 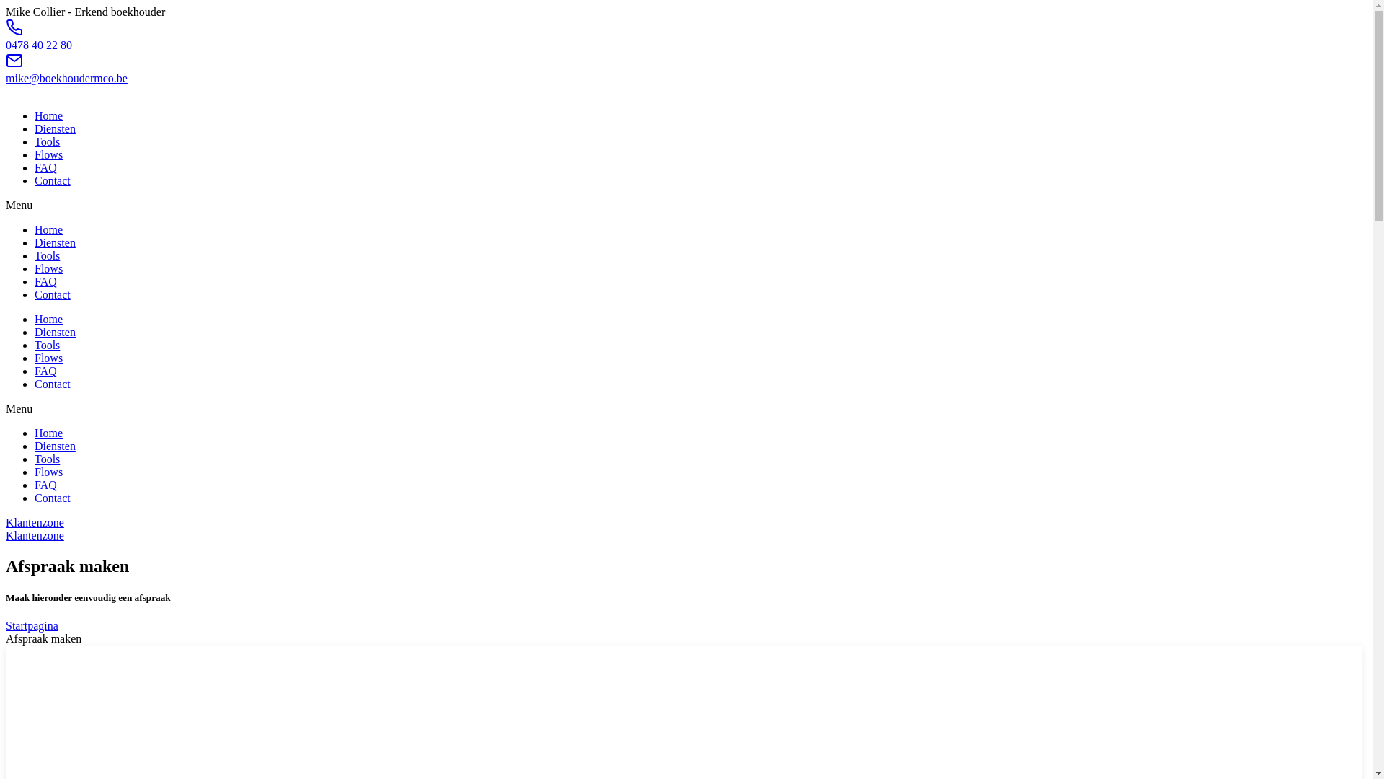 I want to click on 'Klantenzone', so click(x=35, y=522).